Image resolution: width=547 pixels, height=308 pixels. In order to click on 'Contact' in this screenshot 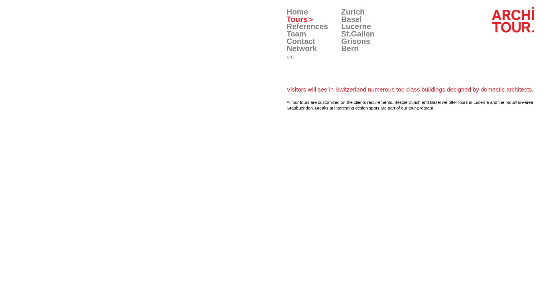, I will do `click(287, 41)`.